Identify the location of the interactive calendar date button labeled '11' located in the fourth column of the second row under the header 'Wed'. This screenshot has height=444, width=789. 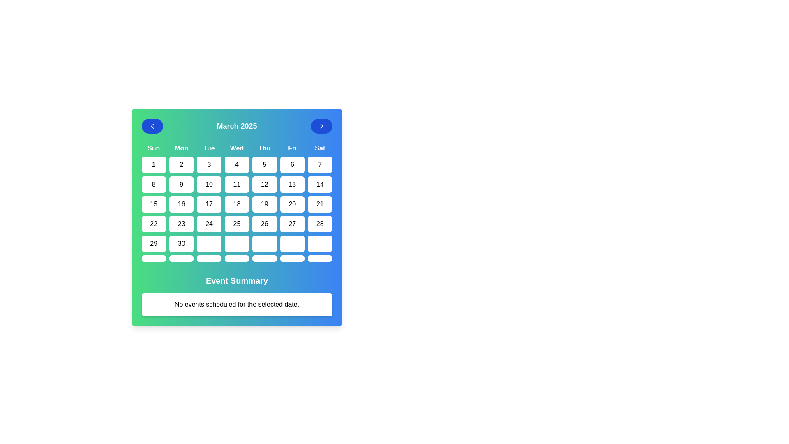
(236, 184).